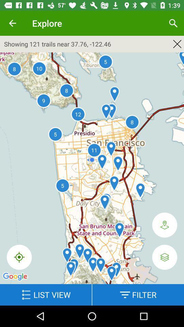 The width and height of the screenshot is (184, 327). I want to click on the icon below showing 121 trails item, so click(19, 257).